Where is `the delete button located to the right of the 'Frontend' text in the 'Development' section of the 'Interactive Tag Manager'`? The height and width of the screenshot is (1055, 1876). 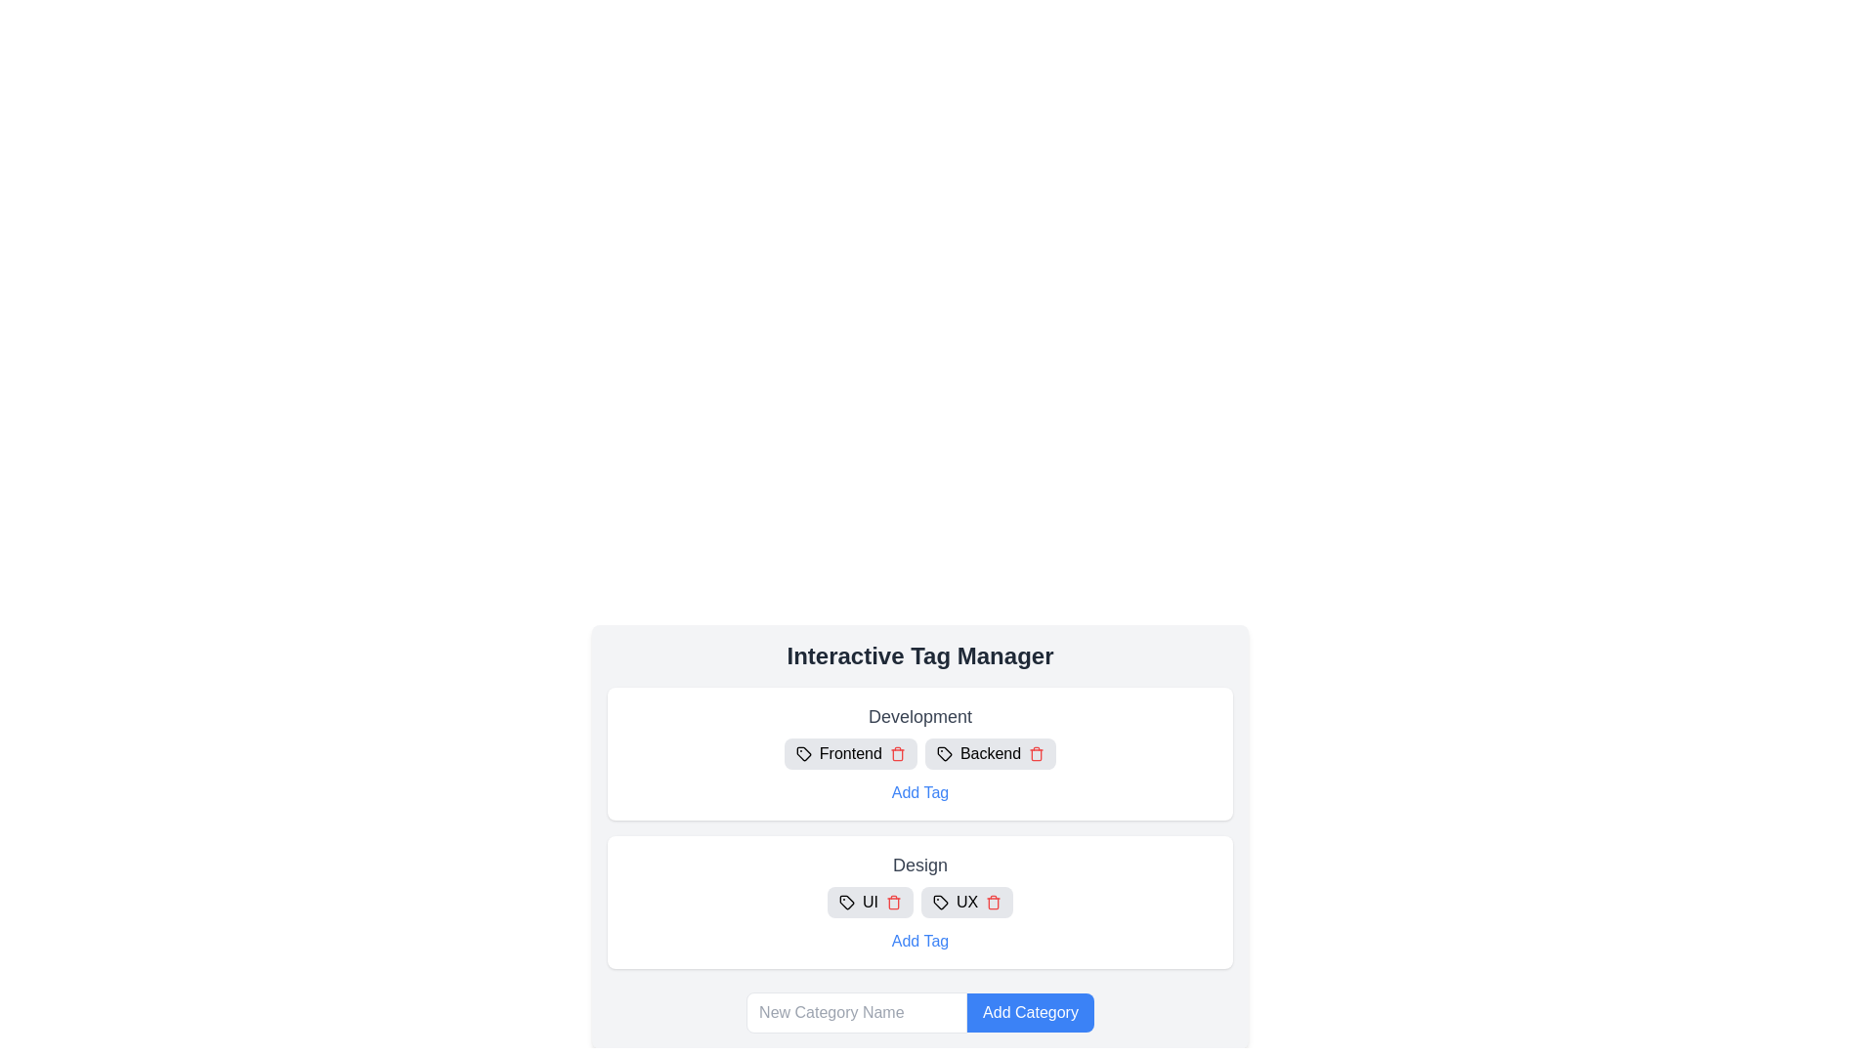 the delete button located to the right of the 'Frontend' text in the 'Development' section of the 'Interactive Tag Manager' is located at coordinates (896, 752).